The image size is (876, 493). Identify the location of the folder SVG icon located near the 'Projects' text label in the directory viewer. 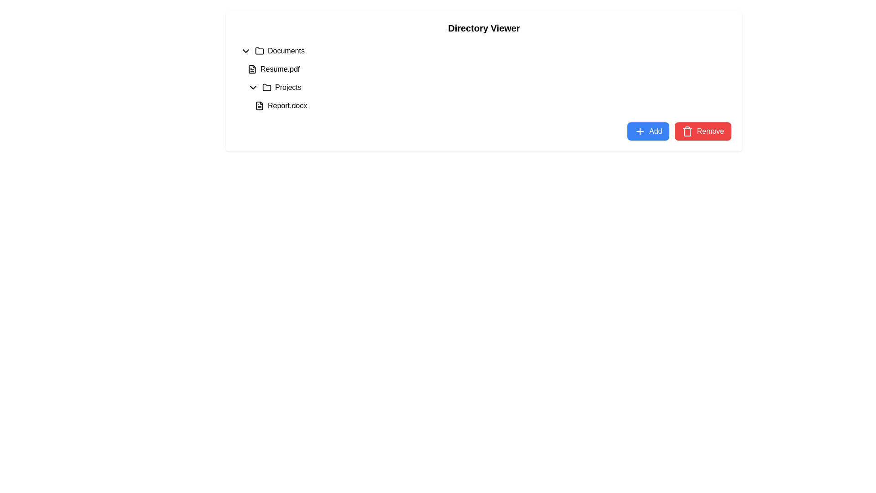
(266, 88).